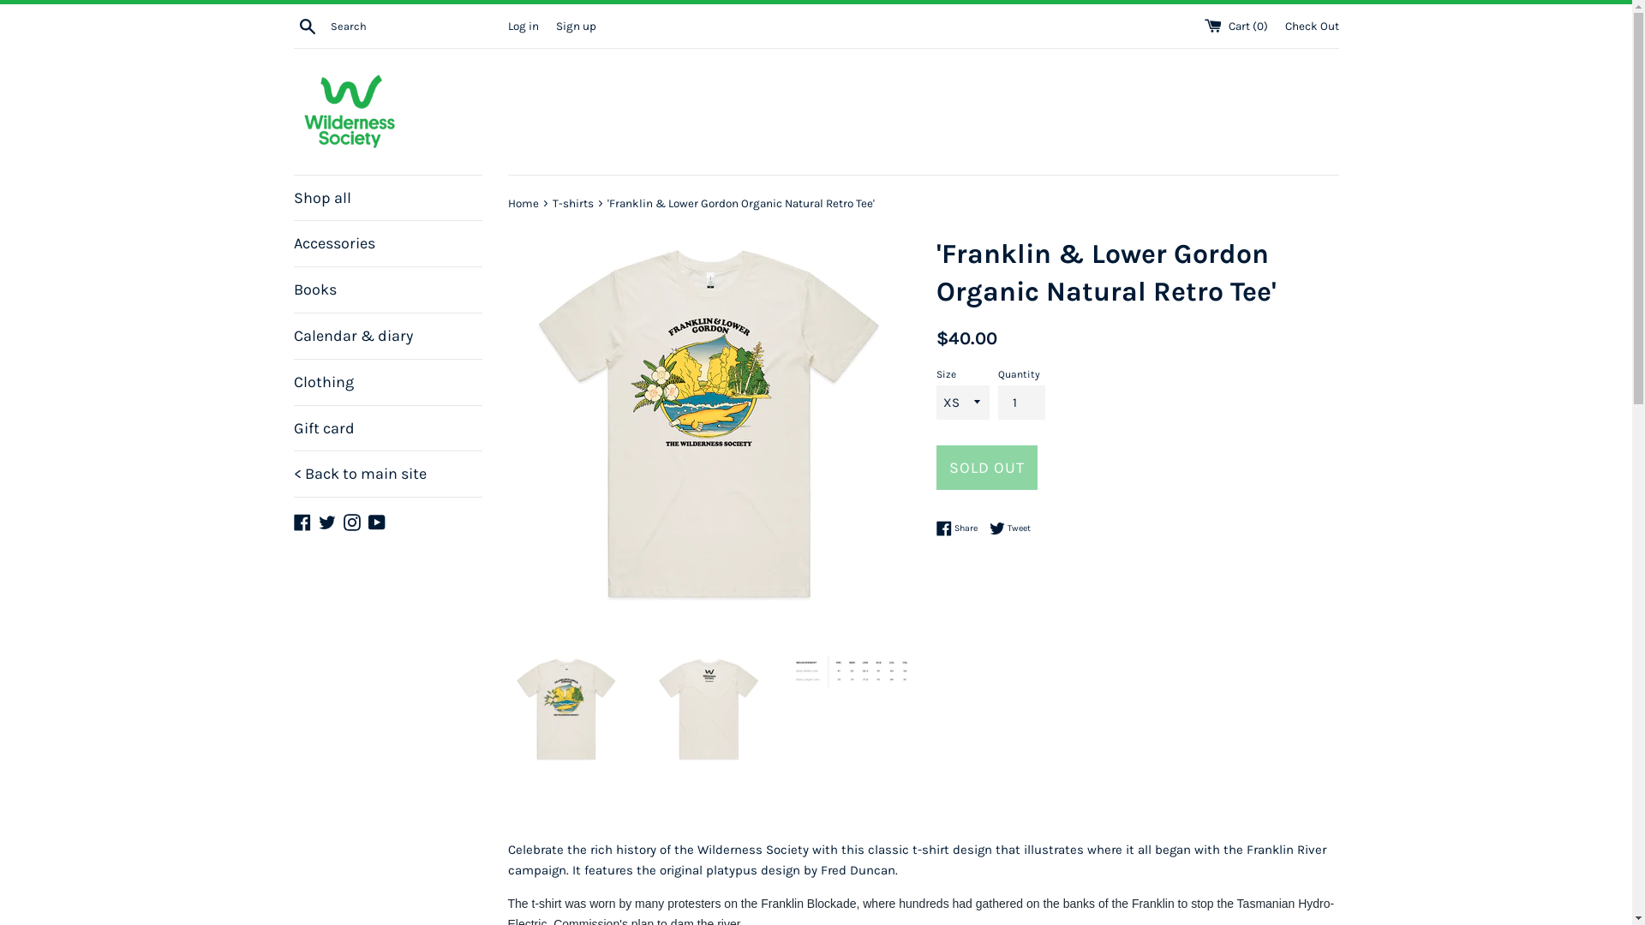 This screenshot has width=1645, height=925. What do you see at coordinates (376, 520) in the screenshot?
I see `'YouTube'` at bounding box center [376, 520].